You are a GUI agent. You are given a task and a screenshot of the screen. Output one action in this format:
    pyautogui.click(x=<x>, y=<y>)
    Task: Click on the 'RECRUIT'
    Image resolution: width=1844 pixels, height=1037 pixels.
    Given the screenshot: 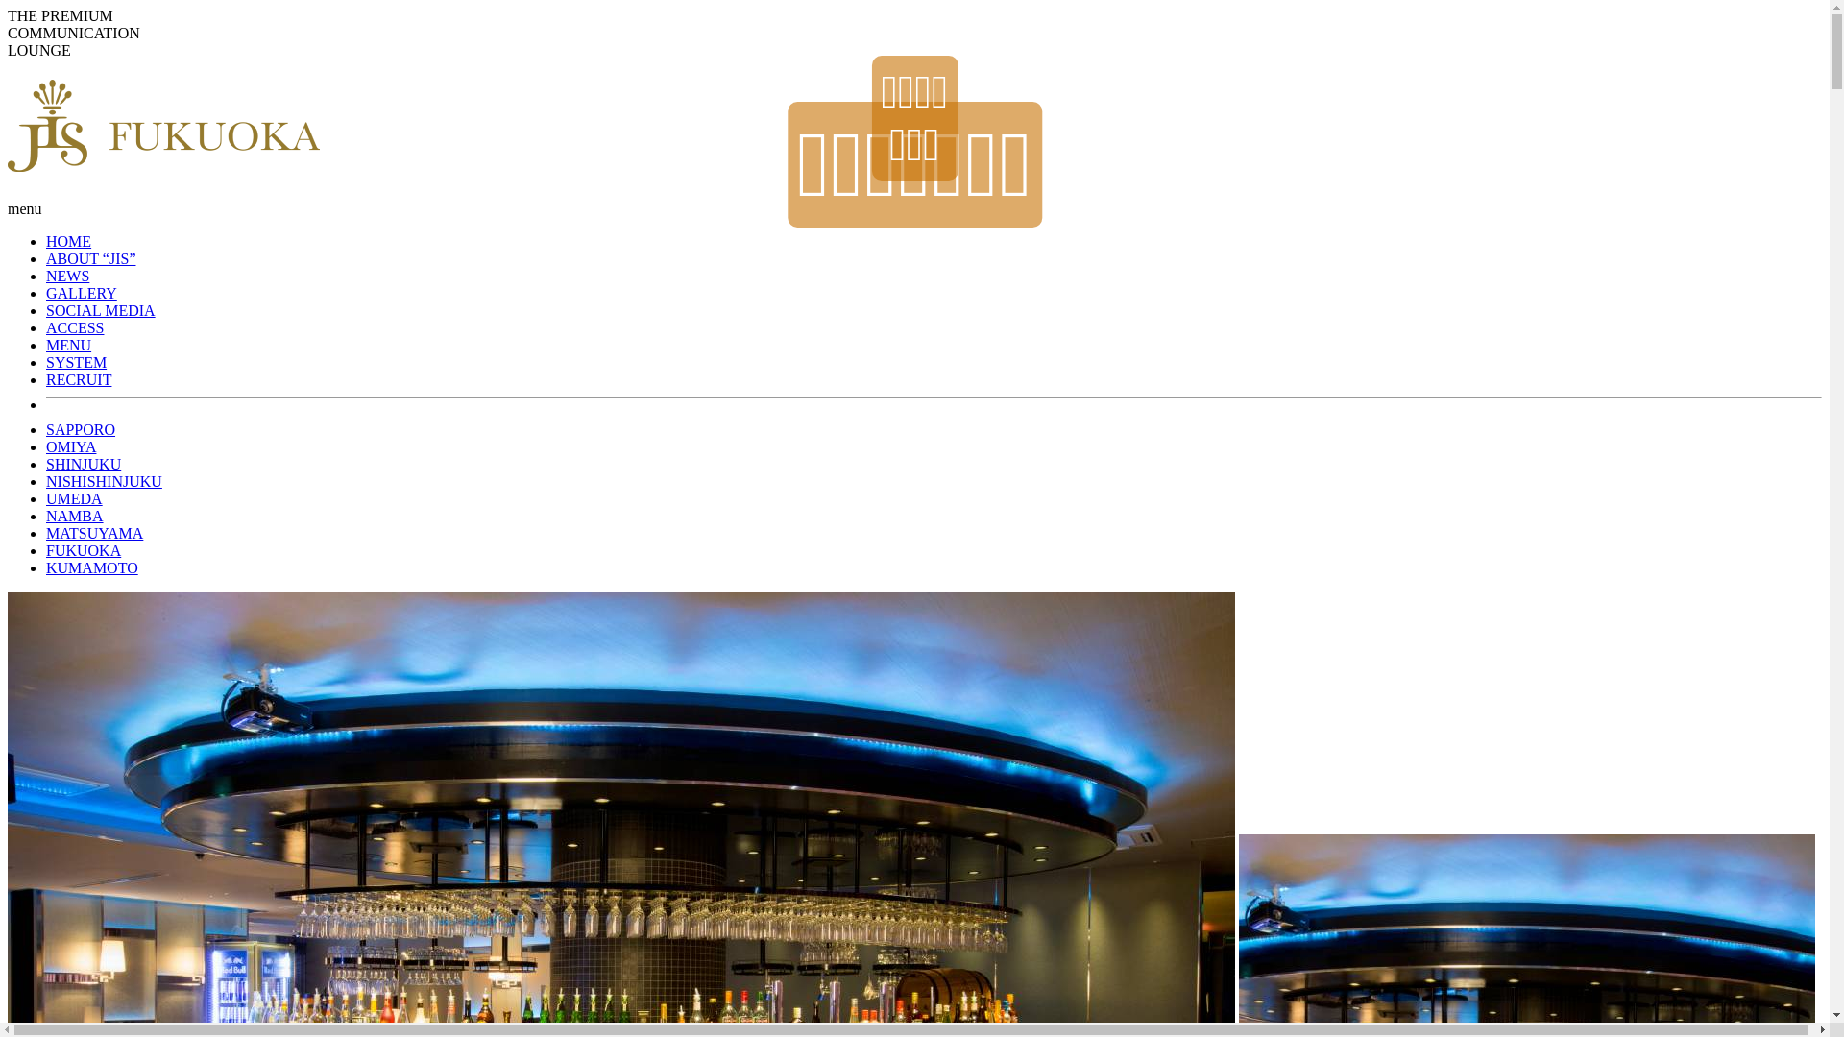 What is the action you would take?
    pyautogui.click(x=77, y=379)
    